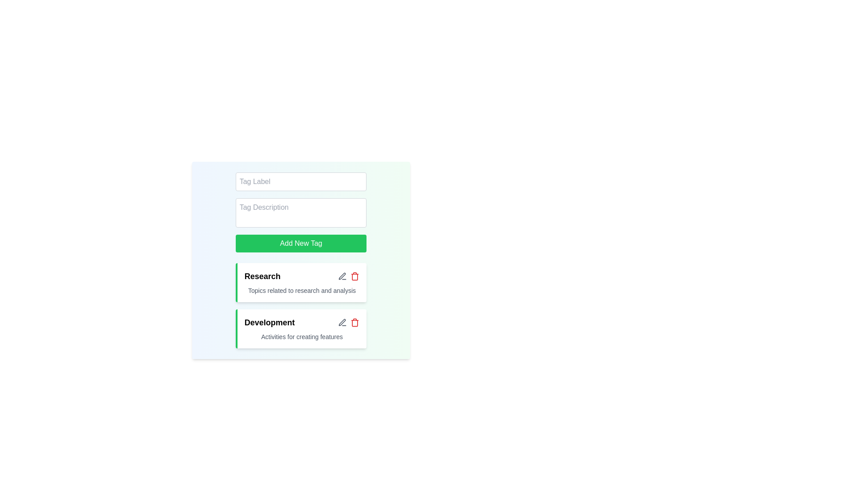 Image resolution: width=854 pixels, height=480 pixels. What do you see at coordinates (342, 322) in the screenshot?
I see `the pen icon button located in the middle-right corner of the 'Research' card` at bounding box center [342, 322].